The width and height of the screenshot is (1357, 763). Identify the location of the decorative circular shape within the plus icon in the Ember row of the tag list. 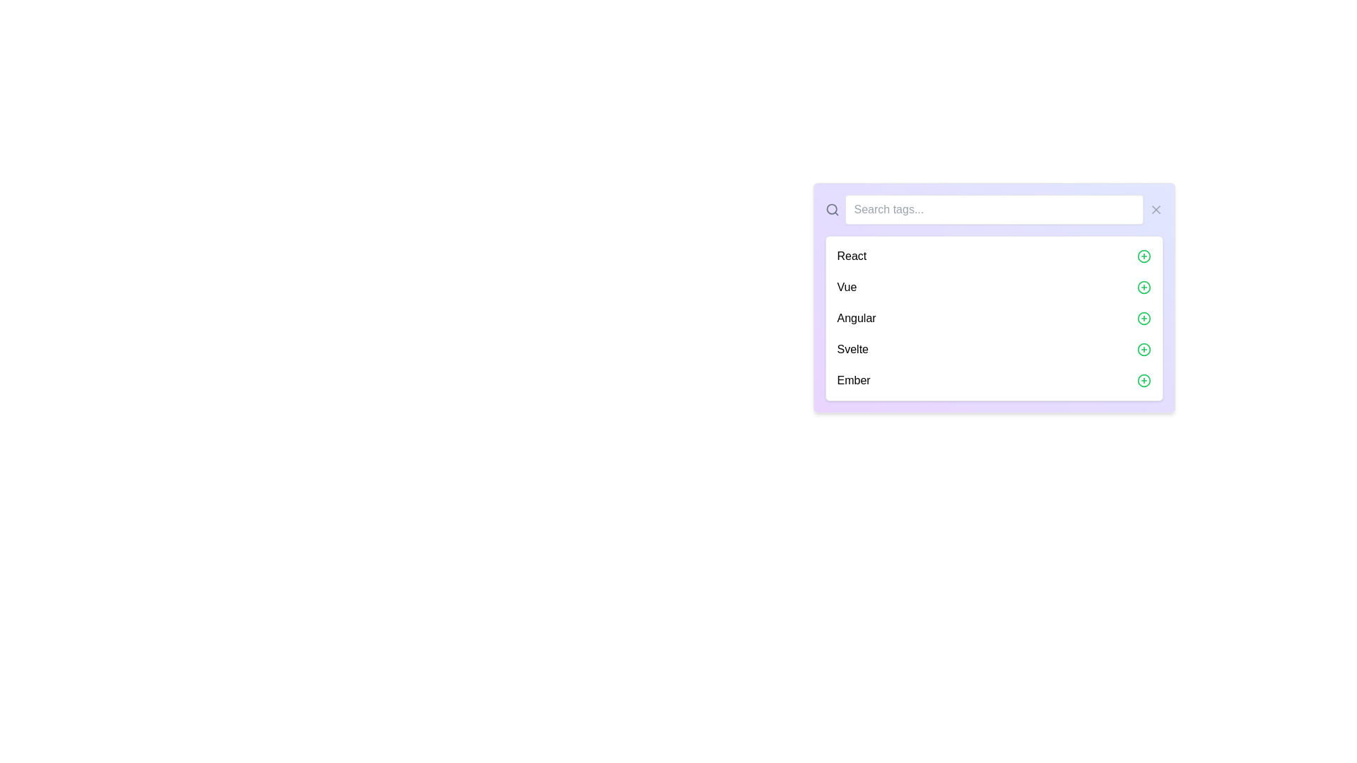
(1144, 380).